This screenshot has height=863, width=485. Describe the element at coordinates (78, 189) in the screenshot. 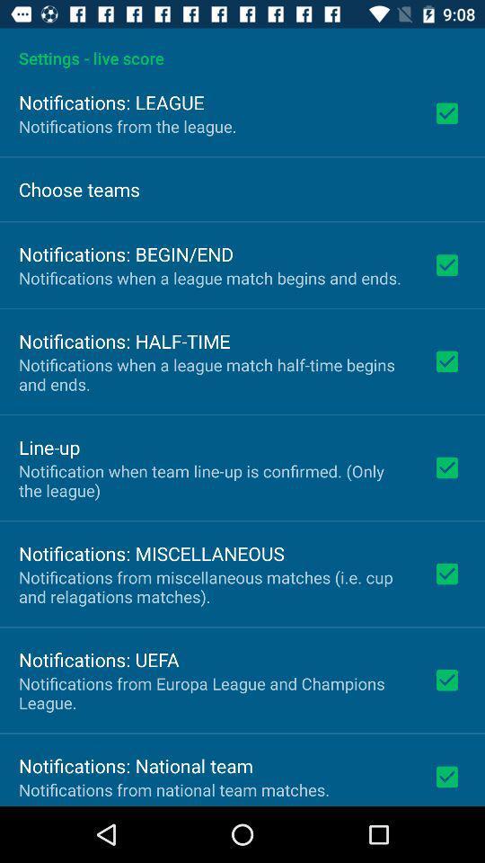

I see `the choose teams icon` at that location.